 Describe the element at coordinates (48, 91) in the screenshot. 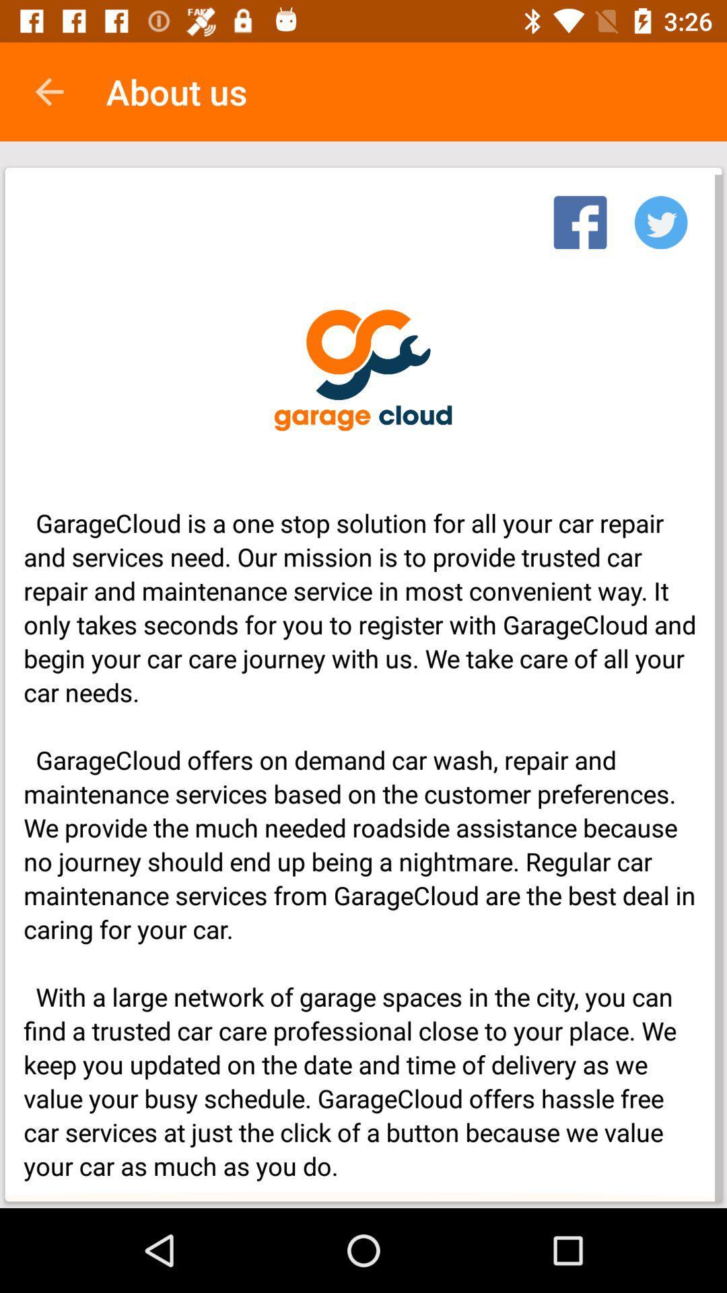

I see `item above garagecloud is a icon` at that location.